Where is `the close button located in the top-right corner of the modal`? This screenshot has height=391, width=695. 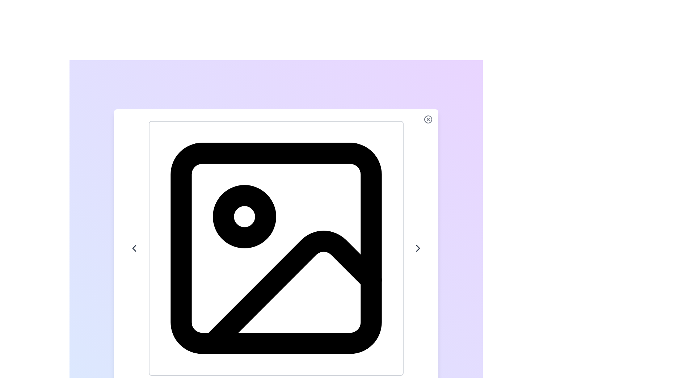
the close button located in the top-right corner of the modal is located at coordinates (428, 119).